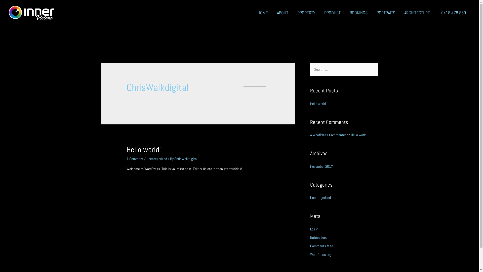 This screenshot has height=272, width=483. What do you see at coordinates (306, 12) in the screenshot?
I see `'PROPERTY'` at bounding box center [306, 12].